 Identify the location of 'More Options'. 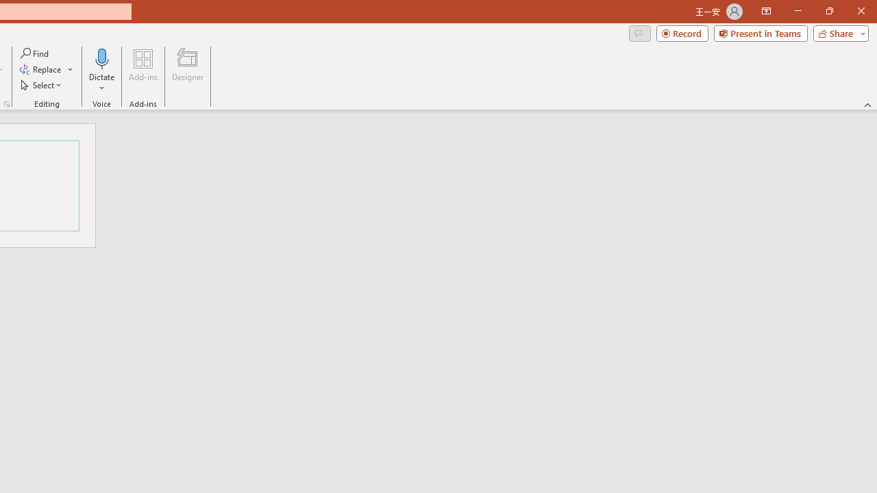
(101, 83).